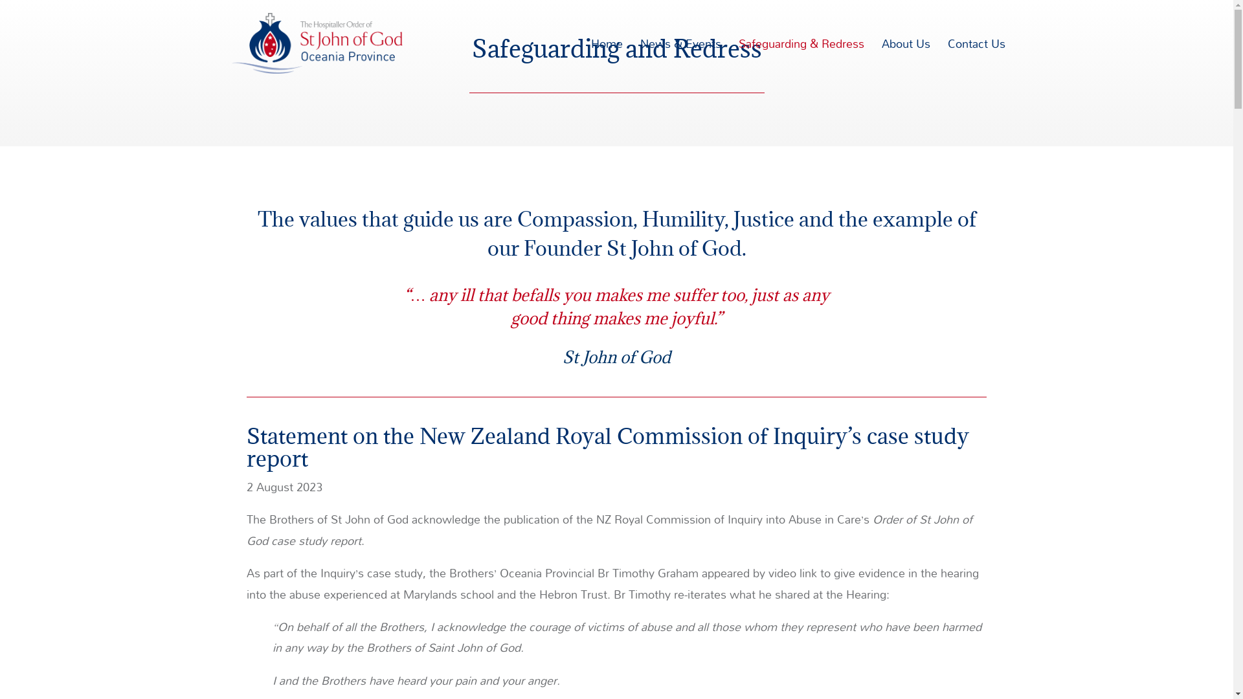  I want to click on 'Safeguarding & Redress', so click(800, 62).